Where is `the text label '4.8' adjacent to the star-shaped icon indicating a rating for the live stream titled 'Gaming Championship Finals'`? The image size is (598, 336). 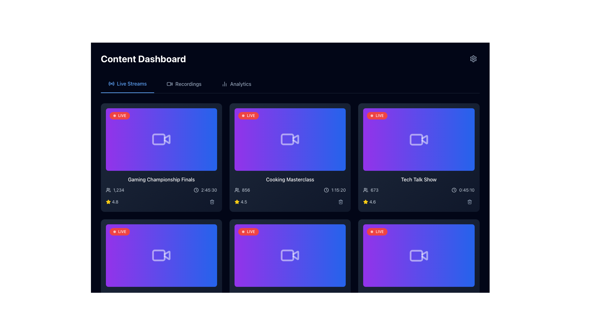
the text label '4.8' adjacent to the star-shaped icon indicating a rating for the live stream titled 'Gaming Championship Finals' is located at coordinates (112, 202).